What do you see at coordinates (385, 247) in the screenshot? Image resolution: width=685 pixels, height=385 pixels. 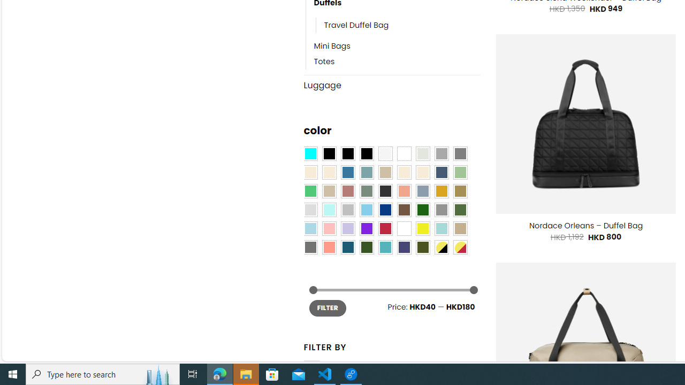 I see `'Teal'` at bounding box center [385, 247].